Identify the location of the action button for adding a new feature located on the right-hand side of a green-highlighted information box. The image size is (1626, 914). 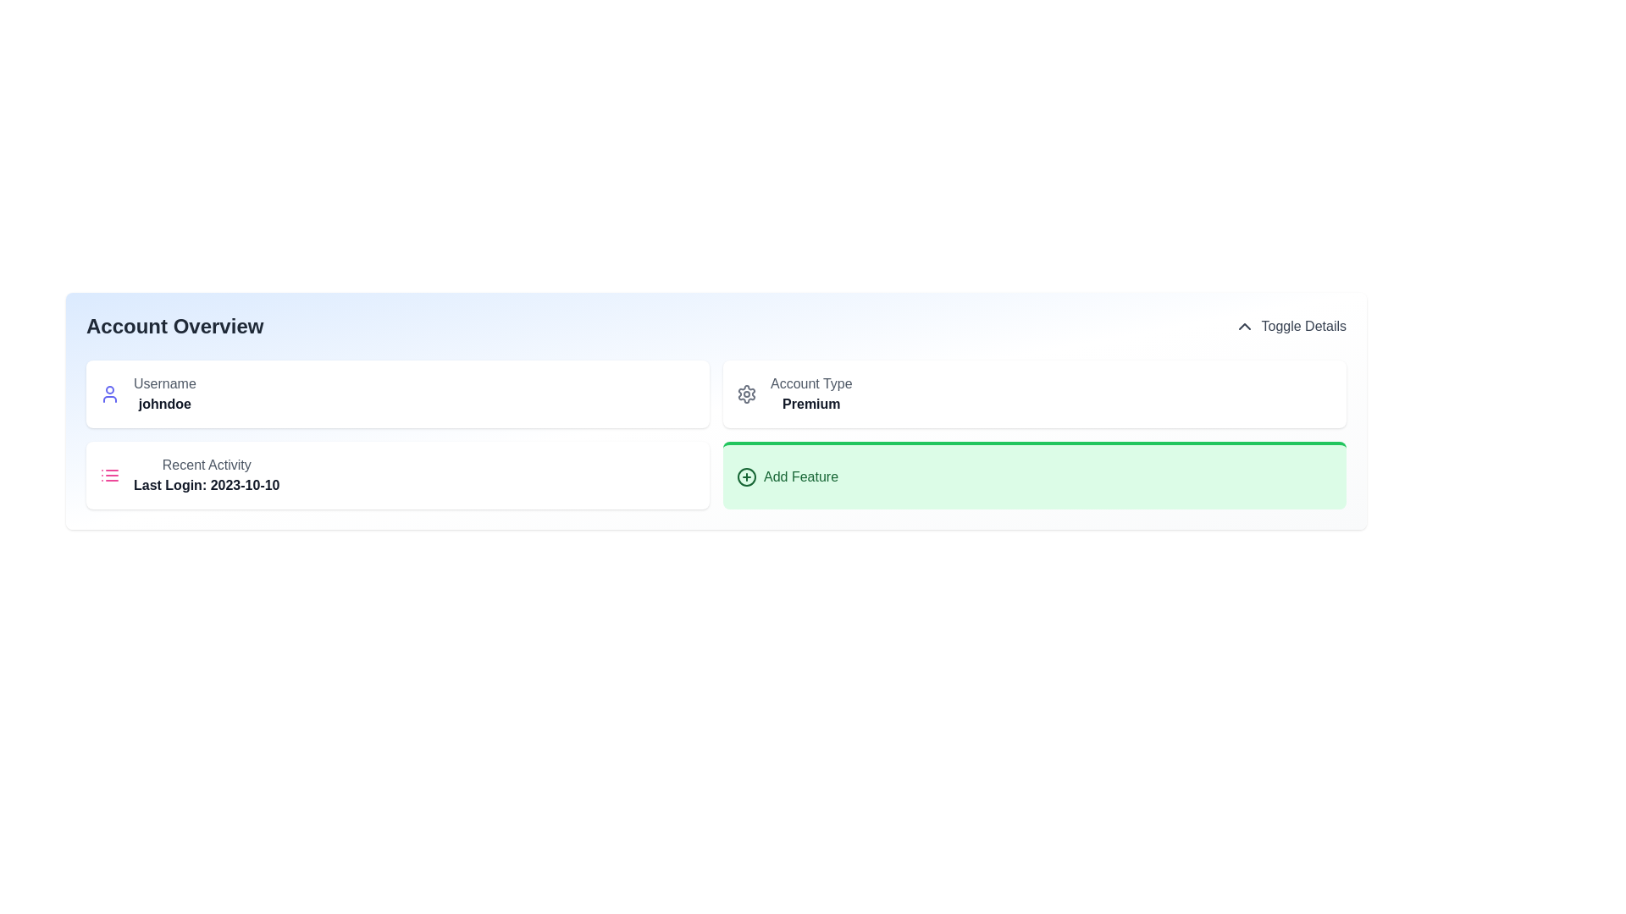
(787, 476).